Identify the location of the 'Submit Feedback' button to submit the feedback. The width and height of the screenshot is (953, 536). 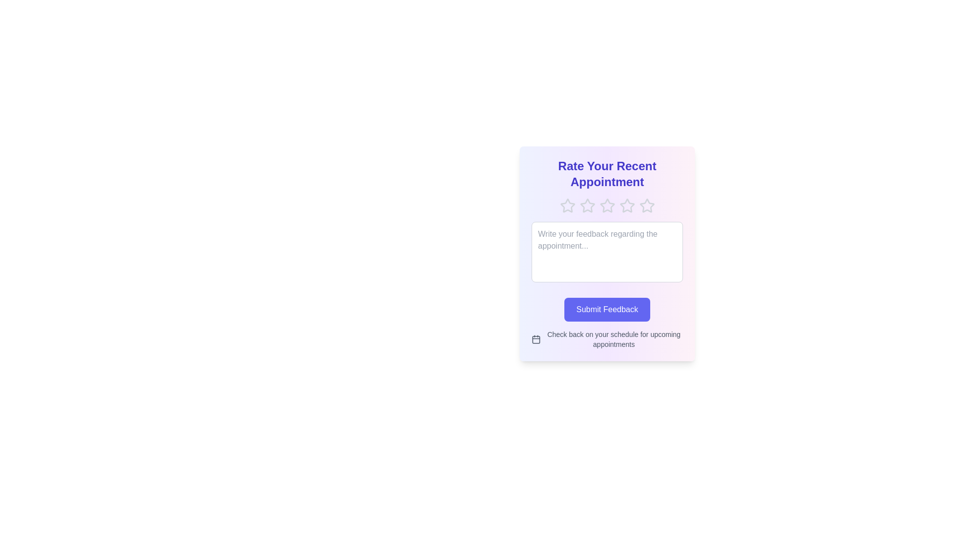
(607, 309).